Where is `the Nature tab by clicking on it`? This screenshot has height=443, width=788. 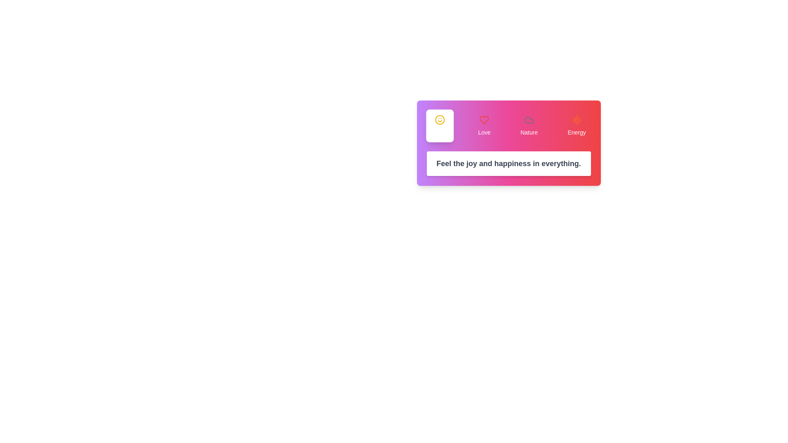
the Nature tab by clicking on it is located at coordinates (529, 126).